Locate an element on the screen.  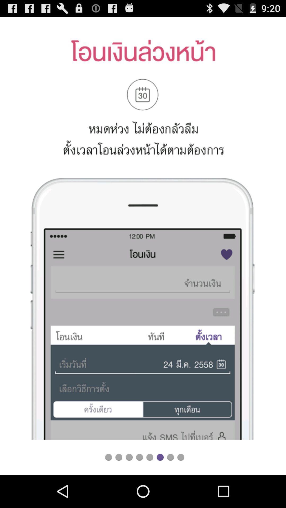
go right to next slide is located at coordinates (170, 457).